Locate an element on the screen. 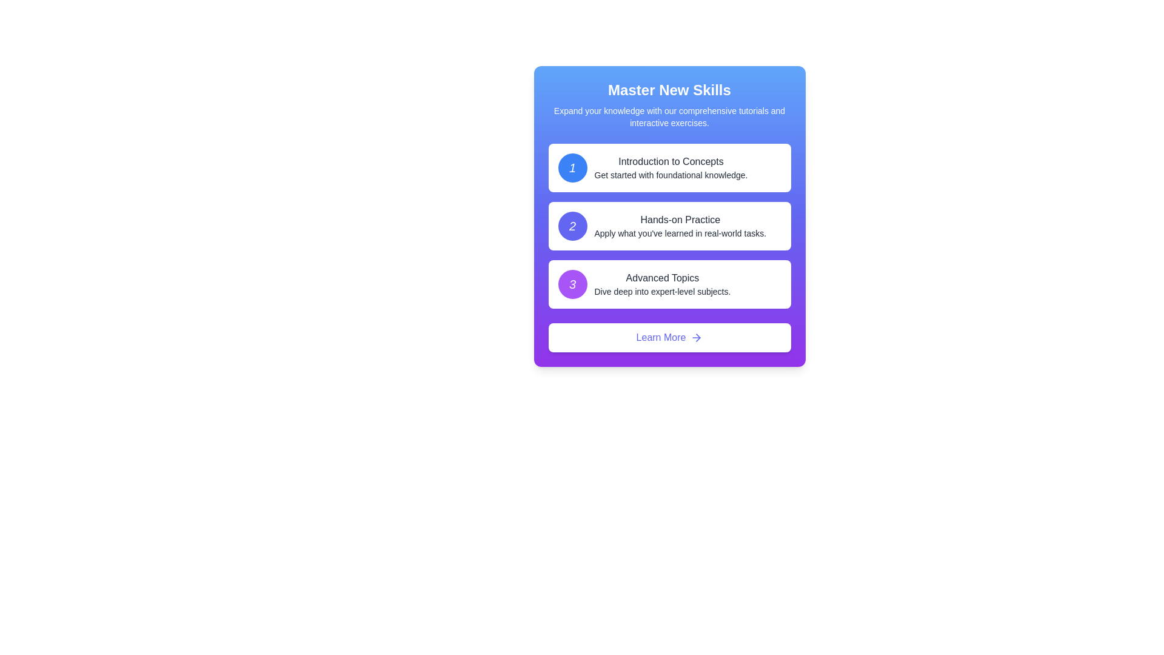  information from the informational card titled 'Introduction to Concepts', which contains the number '1' in a blue circle and details about foundational knowledge is located at coordinates (669, 168).